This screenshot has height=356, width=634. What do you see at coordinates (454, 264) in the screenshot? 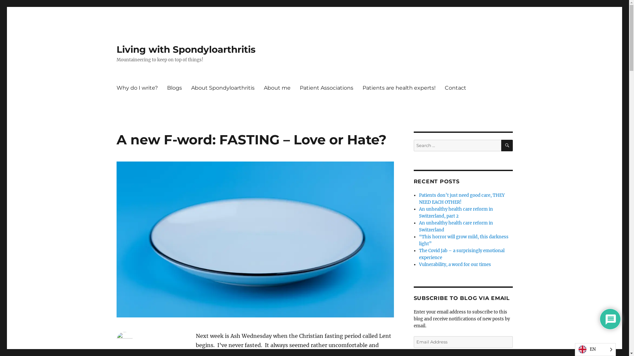
I see `'Vulnerability, a word for our times'` at bounding box center [454, 264].